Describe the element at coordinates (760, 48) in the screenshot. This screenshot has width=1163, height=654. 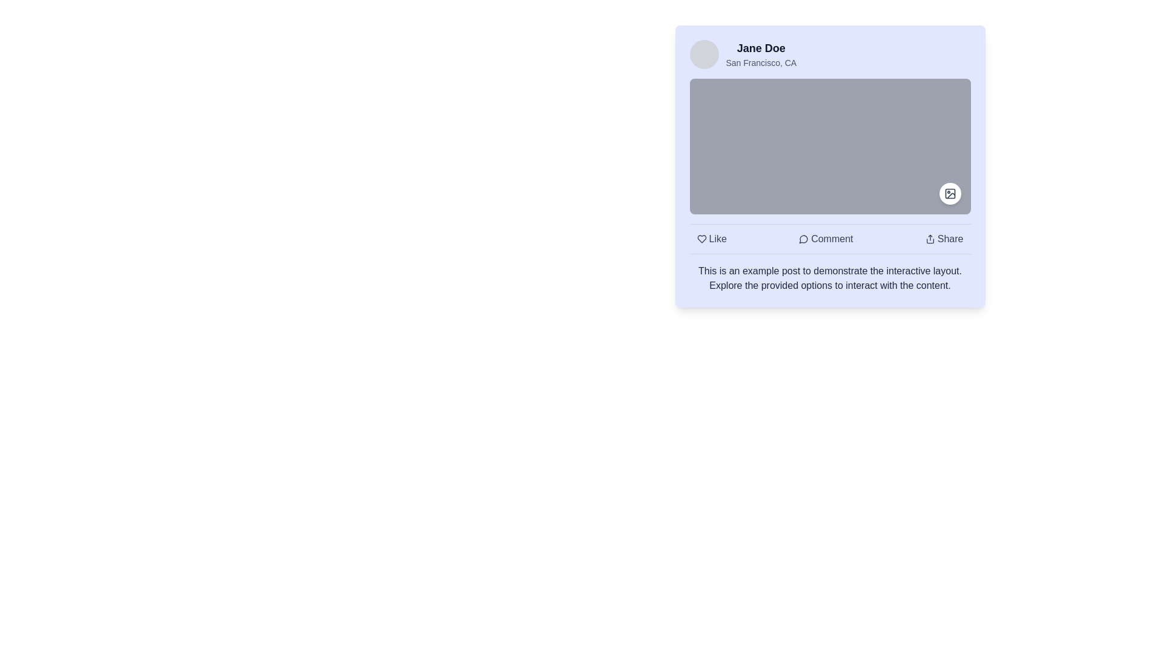
I see `the static text label that displays the name of a person or entity, located at the top left corner of the card layout, adjacent to a circular avatar placeholder` at that location.